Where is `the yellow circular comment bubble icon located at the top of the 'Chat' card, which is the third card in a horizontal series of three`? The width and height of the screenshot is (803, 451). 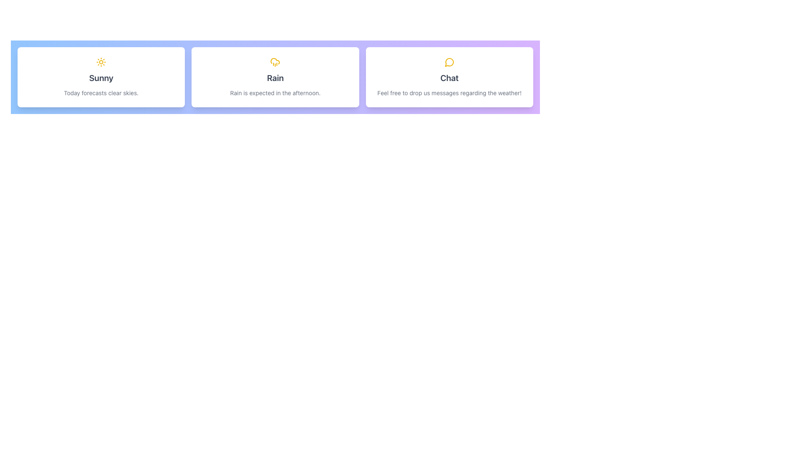
the yellow circular comment bubble icon located at the top of the 'Chat' card, which is the third card in a horizontal series of three is located at coordinates (449, 62).